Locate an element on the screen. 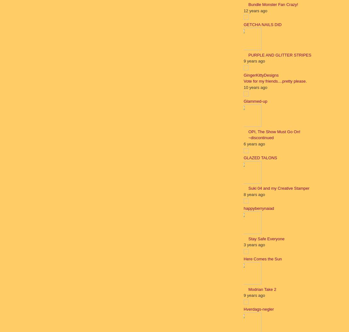 The height and width of the screenshot is (332, 349). 'Here Comes the Sun' is located at coordinates (262, 259).